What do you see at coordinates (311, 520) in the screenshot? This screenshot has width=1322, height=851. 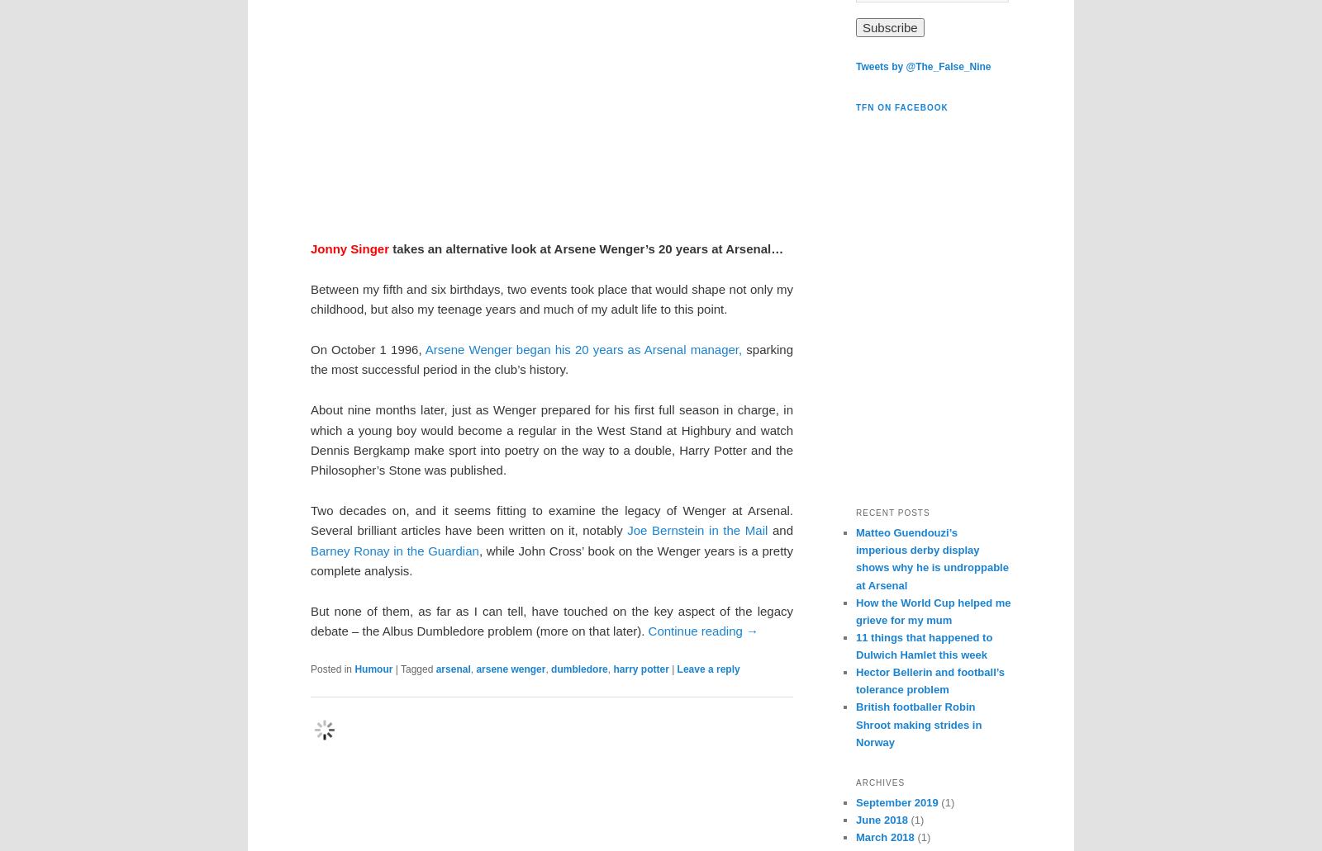 I see `'Two decades on, and it seems fitting to examine the legacy of Wenger at Arsenal. Several brilliant articles have been written on it, notably'` at bounding box center [311, 520].